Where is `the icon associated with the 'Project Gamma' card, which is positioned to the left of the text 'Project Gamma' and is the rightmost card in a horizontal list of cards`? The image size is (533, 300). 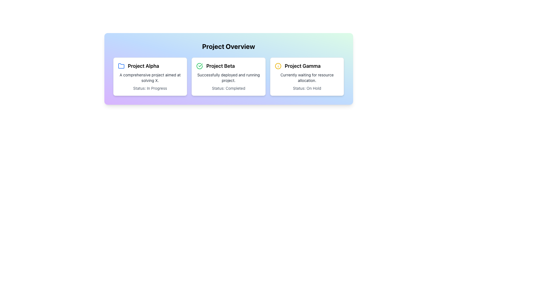 the icon associated with the 'Project Gamma' card, which is positioned to the left of the text 'Project Gamma' and is the rightmost card in a horizontal list of cards is located at coordinates (278, 66).